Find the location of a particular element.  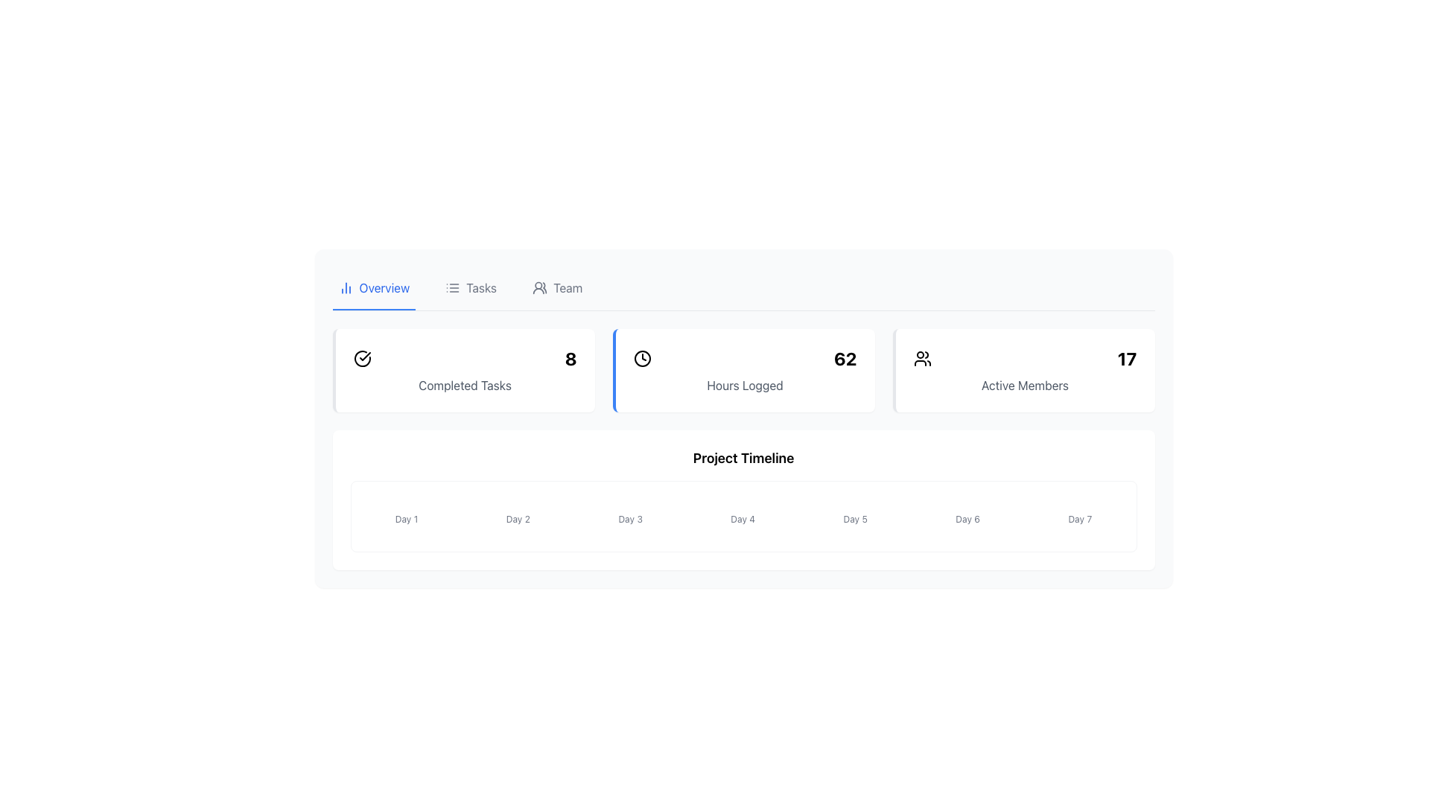

the text label reading 'Day 2', which is styled in a small, faint gray font and located below a vertical rounded bar in the 'Project Timeline' panel is located at coordinates (518, 519).